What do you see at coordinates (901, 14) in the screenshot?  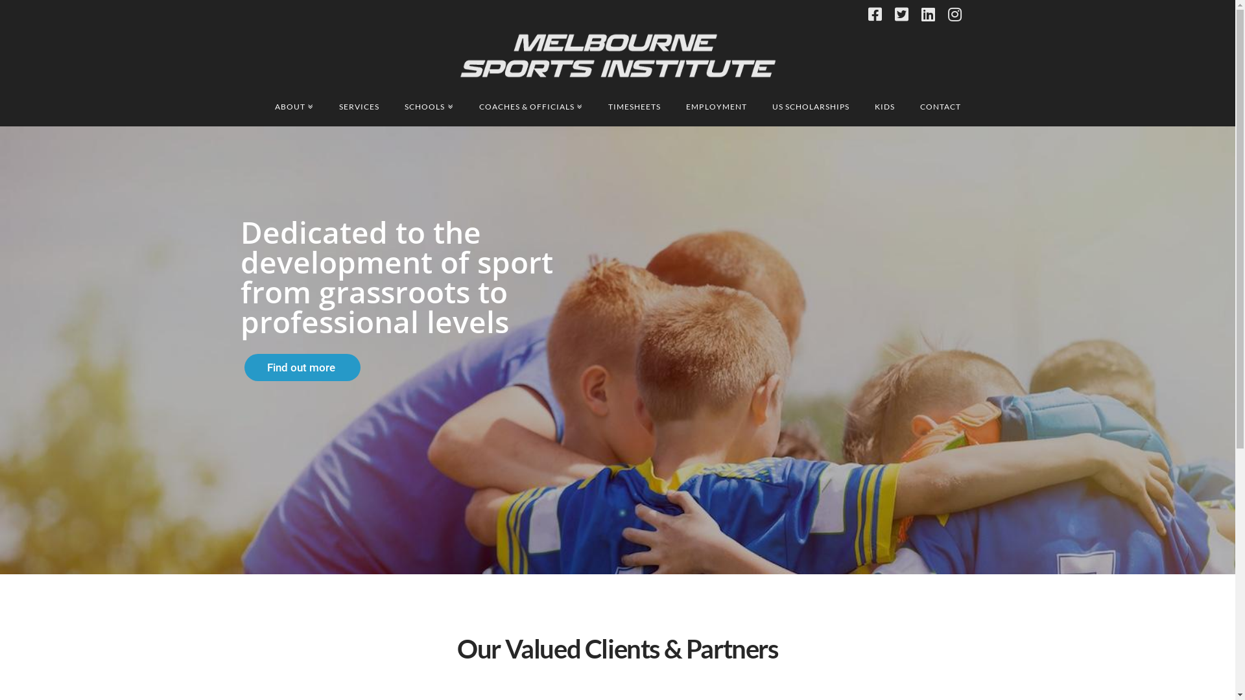 I see `'Twitter'` at bounding box center [901, 14].